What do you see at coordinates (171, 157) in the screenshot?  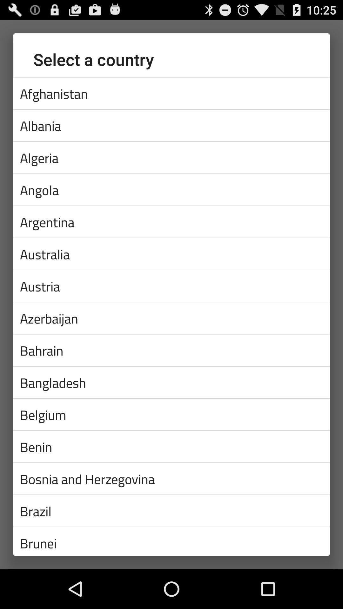 I see `the algeria icon` at bounding box center [171, 157].